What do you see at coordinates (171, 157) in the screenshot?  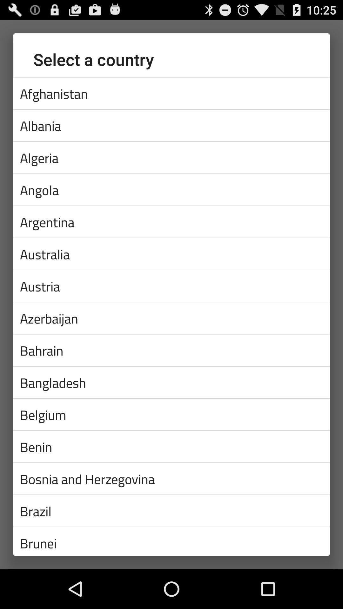 I see `the algeria icon` at bounding box center [171, 157].